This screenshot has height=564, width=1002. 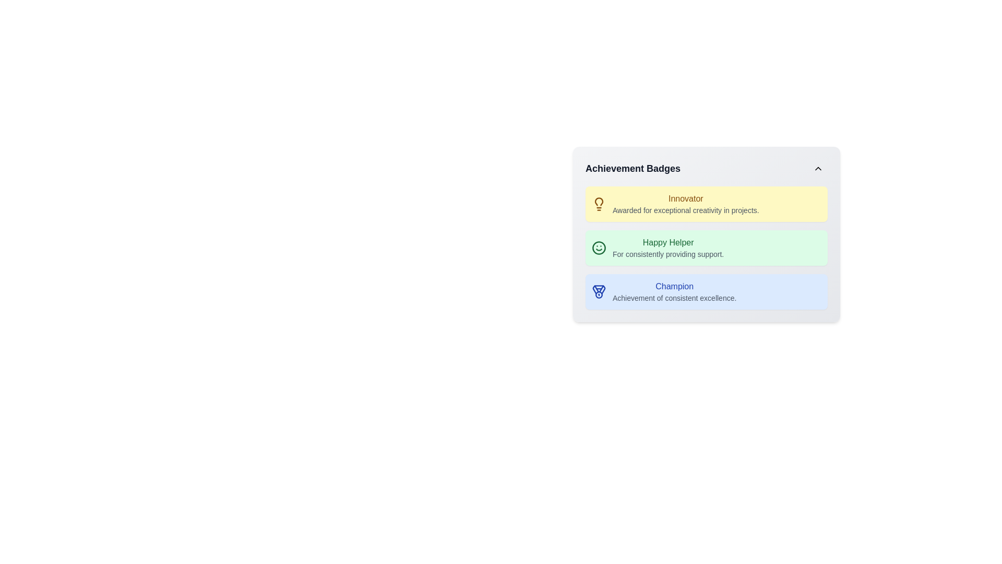 What do you see at coordinates (818, 168) in the screenshot?
I see `the small, square-shaped button with rounded edges and an upward-pointing chevron icon, located in the top-right corner of the 'Achievement Badges' header` at bounding box center [818, 168].